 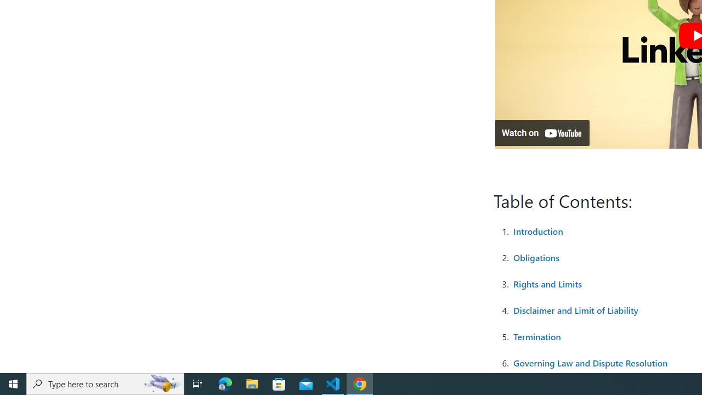 What do you see at coordinates (542, 132) in the screenshot?
I see `'Watch on YouTube'` at bounding box center [542, 132].